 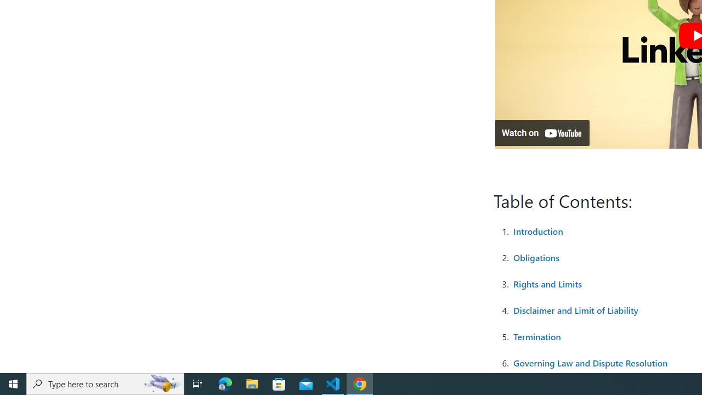 What do you see at coordinates (542, 132) in the screenshot?
I see `'Watch on YouTube'` at bounding box center [542, 132].